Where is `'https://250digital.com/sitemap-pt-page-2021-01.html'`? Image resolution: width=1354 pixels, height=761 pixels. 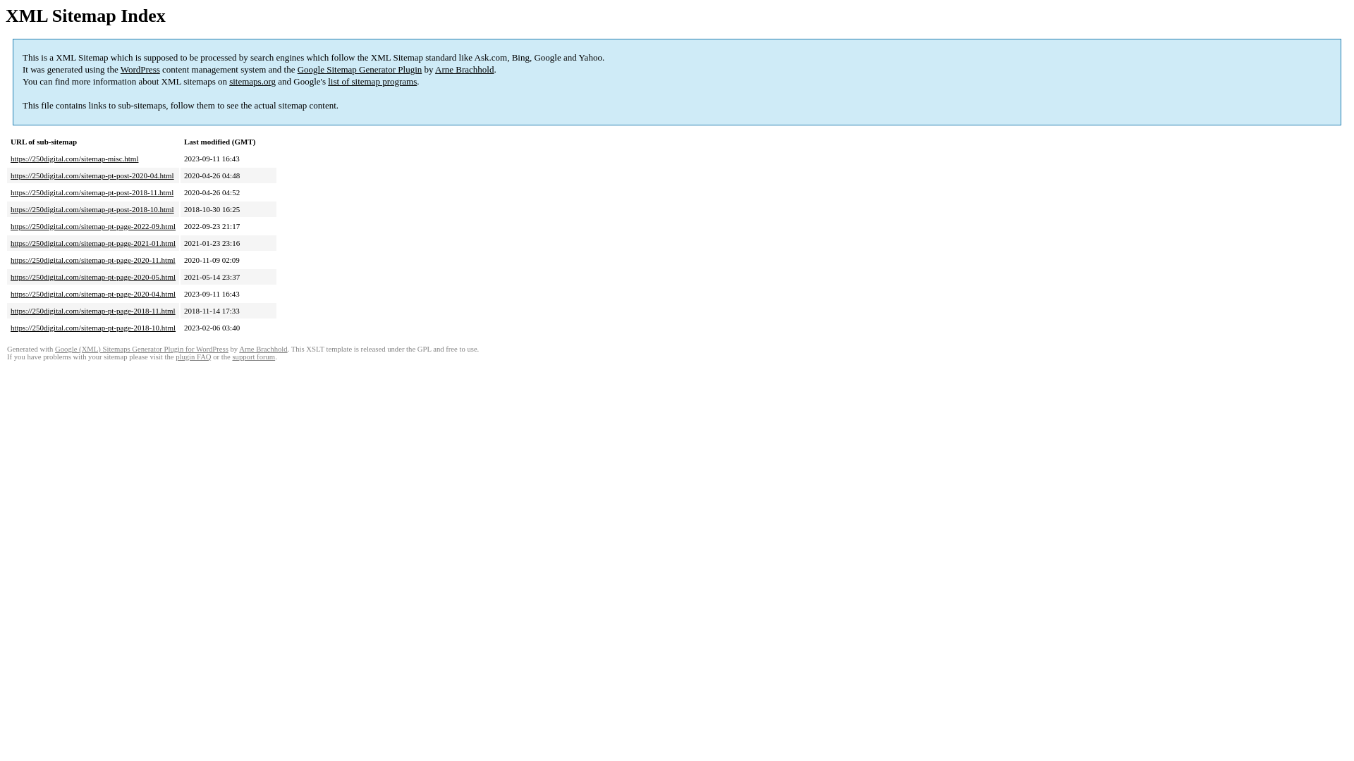 'https://250digital.com/sitemap-pt-page-2021-01.html' is located at coordinates (92, 242).